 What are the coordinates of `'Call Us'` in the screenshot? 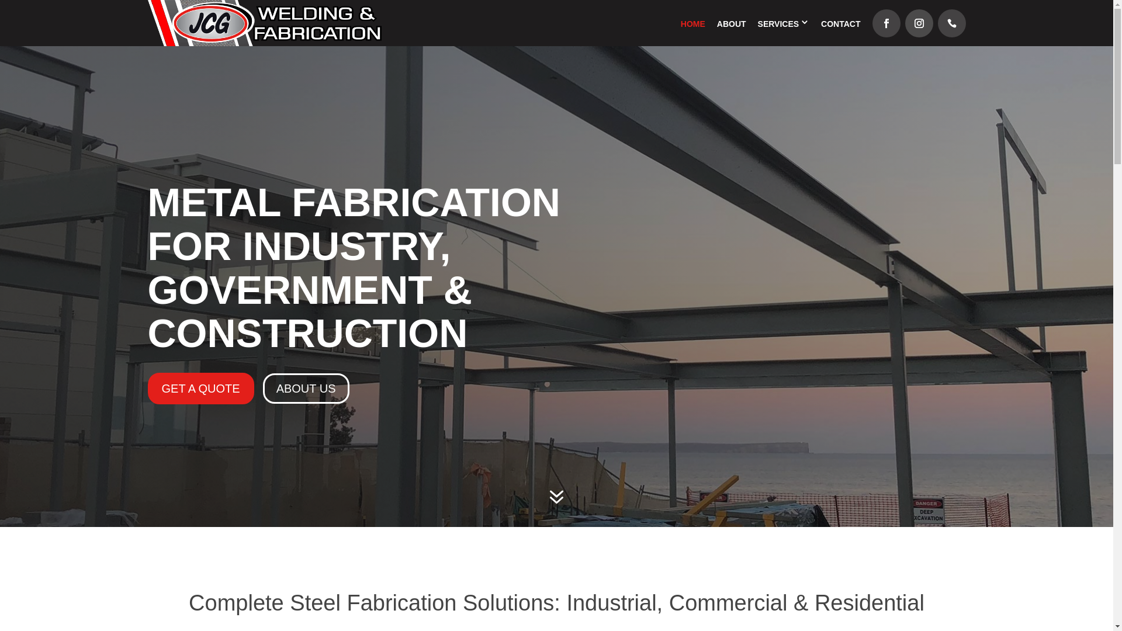 It's located at (951, 23).